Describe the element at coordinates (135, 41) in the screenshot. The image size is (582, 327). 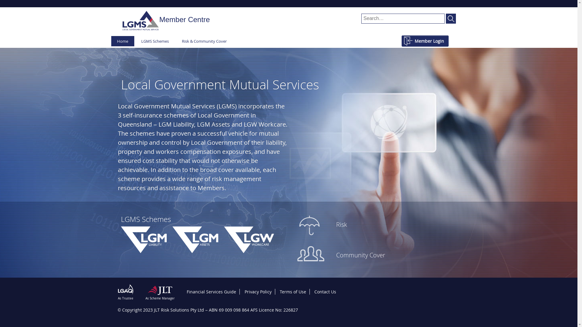
I see `'LGMS Schemes'` at that location.